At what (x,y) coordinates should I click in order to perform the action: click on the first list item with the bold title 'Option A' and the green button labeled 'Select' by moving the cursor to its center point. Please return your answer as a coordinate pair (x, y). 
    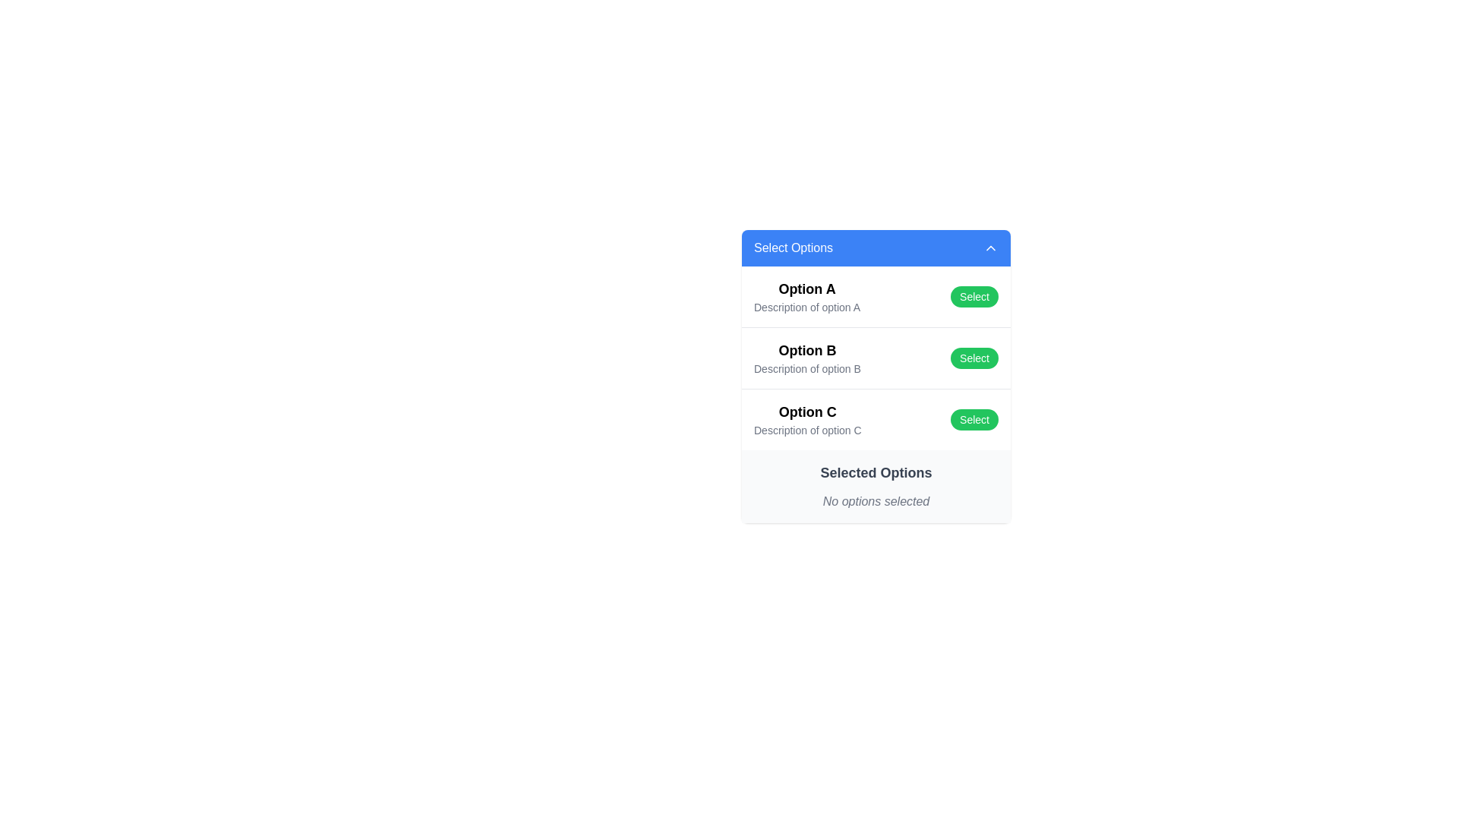
    Looking at the image, I should click on (876, 296).